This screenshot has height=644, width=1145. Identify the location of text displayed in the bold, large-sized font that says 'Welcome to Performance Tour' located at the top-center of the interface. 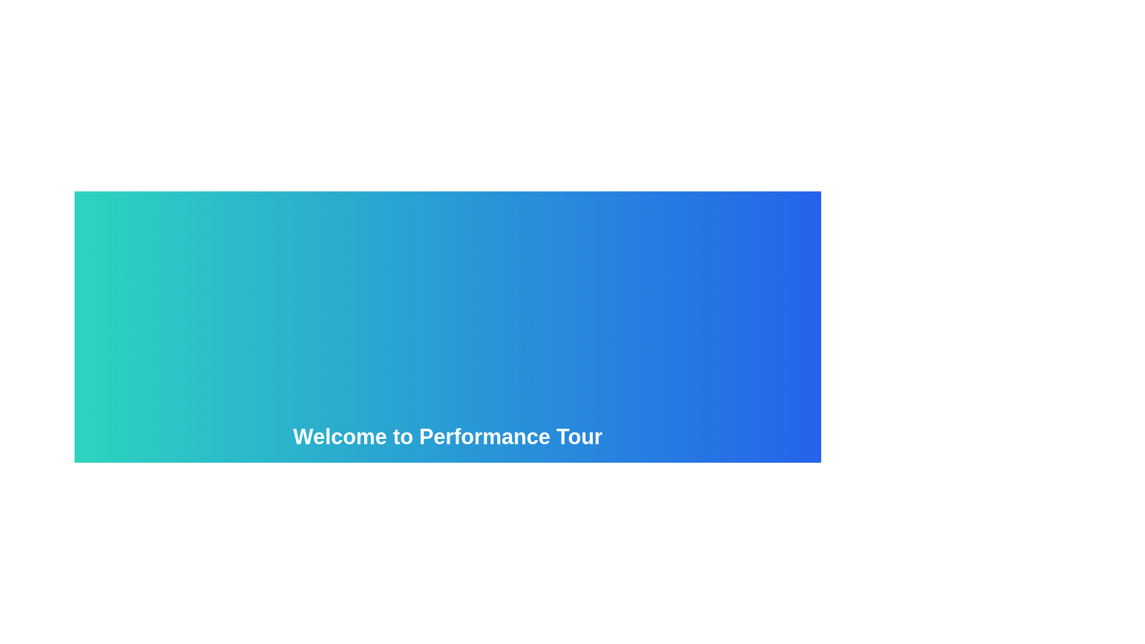
(447, 436).